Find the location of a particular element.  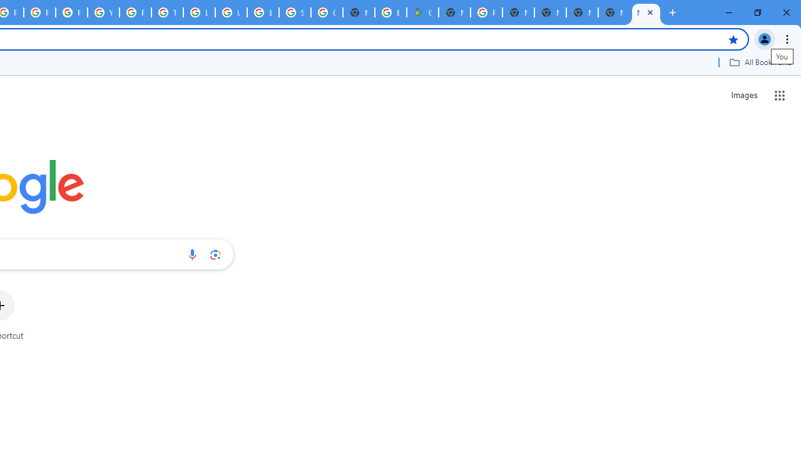

'Search by image' is located at coordinates (215, 254).